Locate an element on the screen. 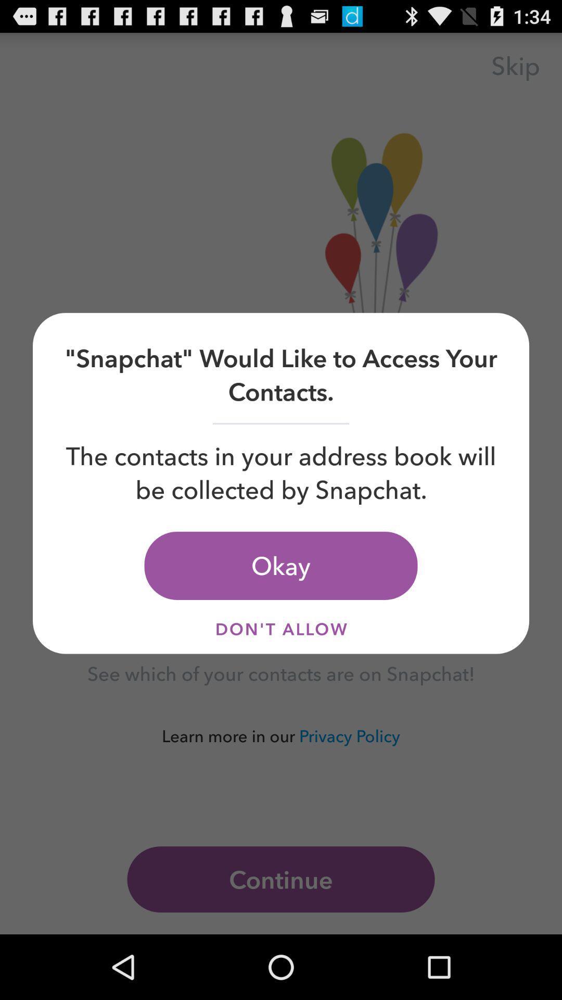 The width and height of the screenshot is (562, 1000). the item above the don't allow item is located at coordinates (281, 565).